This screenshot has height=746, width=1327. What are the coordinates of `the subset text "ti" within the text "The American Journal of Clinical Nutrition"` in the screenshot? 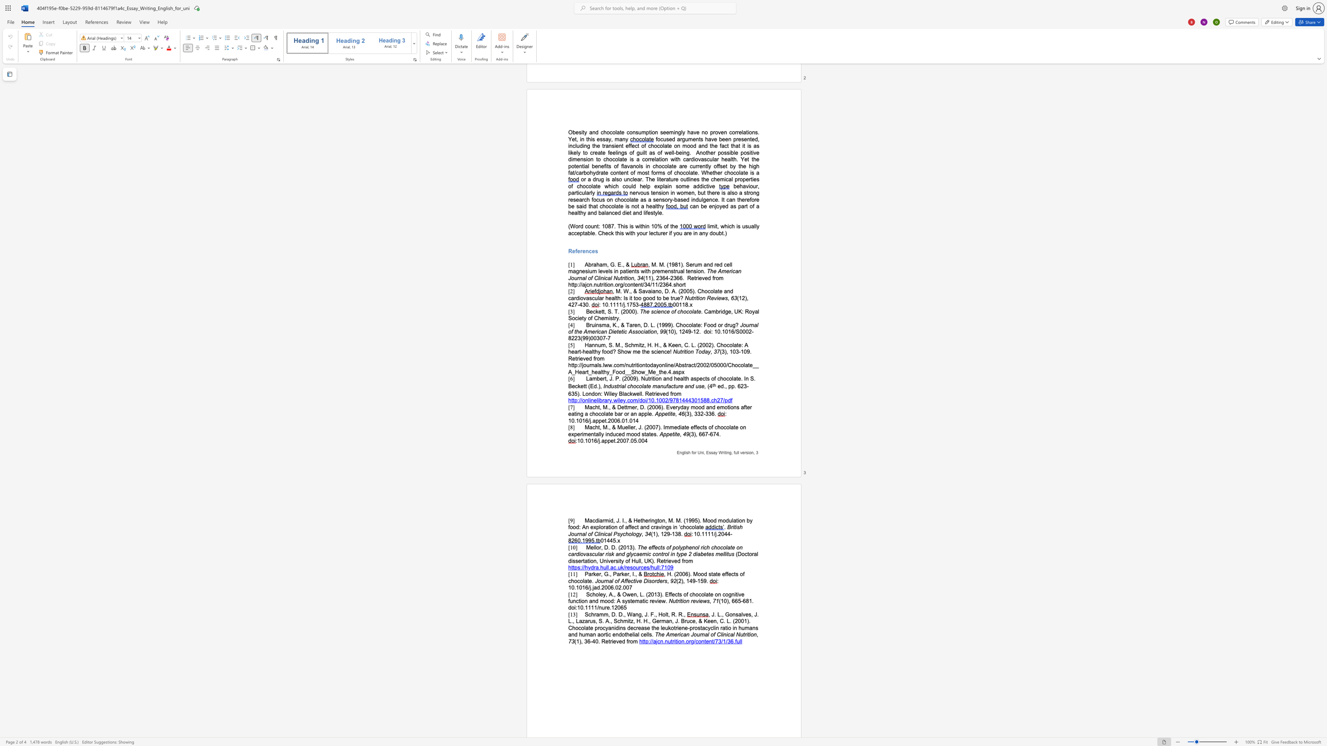 It's located at (747, 634).